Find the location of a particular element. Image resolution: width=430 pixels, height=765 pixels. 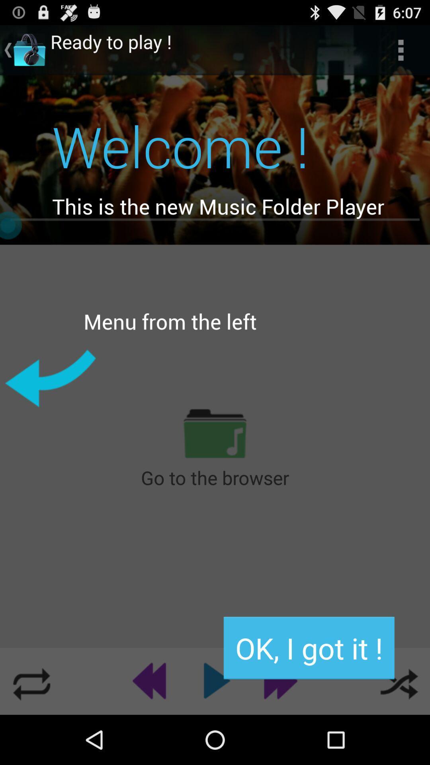

the play icon is located at coordinates (215, 729).